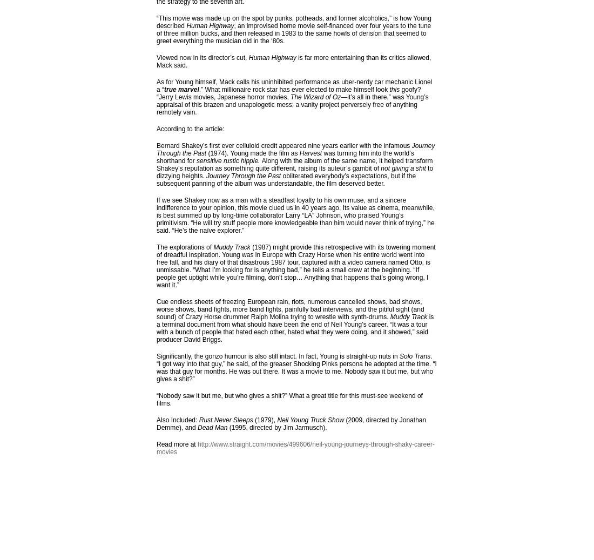 This screenshot has height=560, width=594. Describe the element at coordinates (295, 327) in the screenshot. I see `'is a terminal document from what should have been the end of Neil Young’s career. “It was a tour with a bunch of people that hated each other, hated what they were doing, and it showed,” said producer David Briggs.'` at that location.